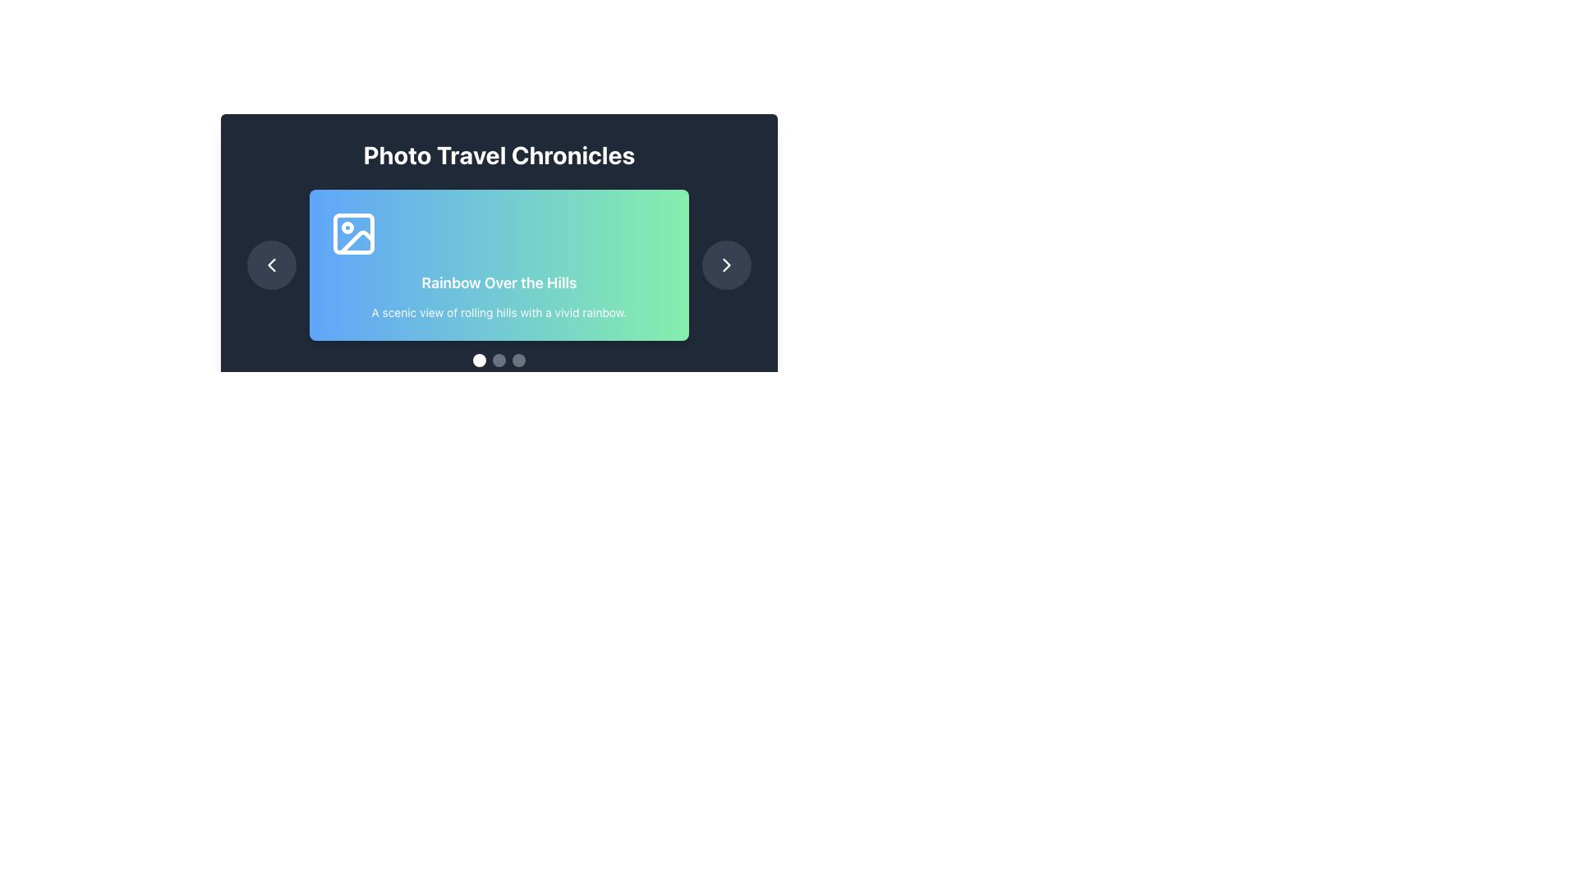 Image resolution: width=1577 pixels, height=887 pixels. What do you see at coordinates (725, 264) in the screenshot?
I see `the circular button with a gray background and a white chevron icon` at bounding box center [725, 264].